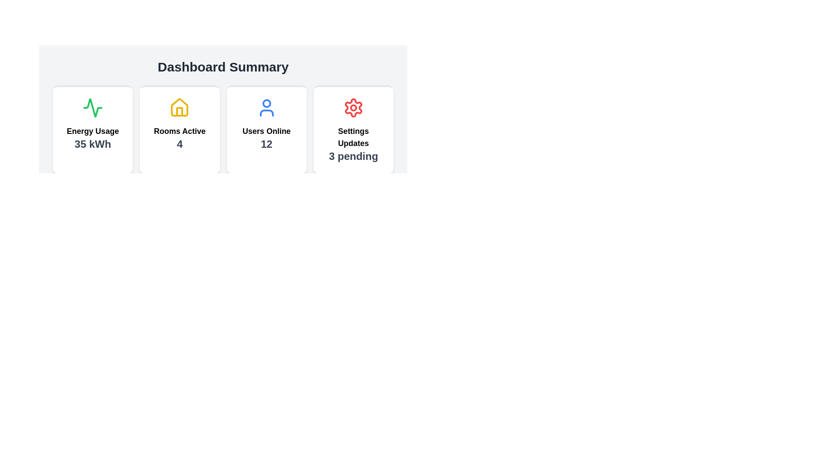 Image resolution: width=833 pixels, height=468 pixels. What do you see at coordinates (93, 130) in the screenshot?
I see `the Information Card, which has a white background, rounded corners, a green waveform icon, and displays 'Energy Usage' in bold black and '35 kWh' in larger dark gray text` at bounding box center [93, 130].